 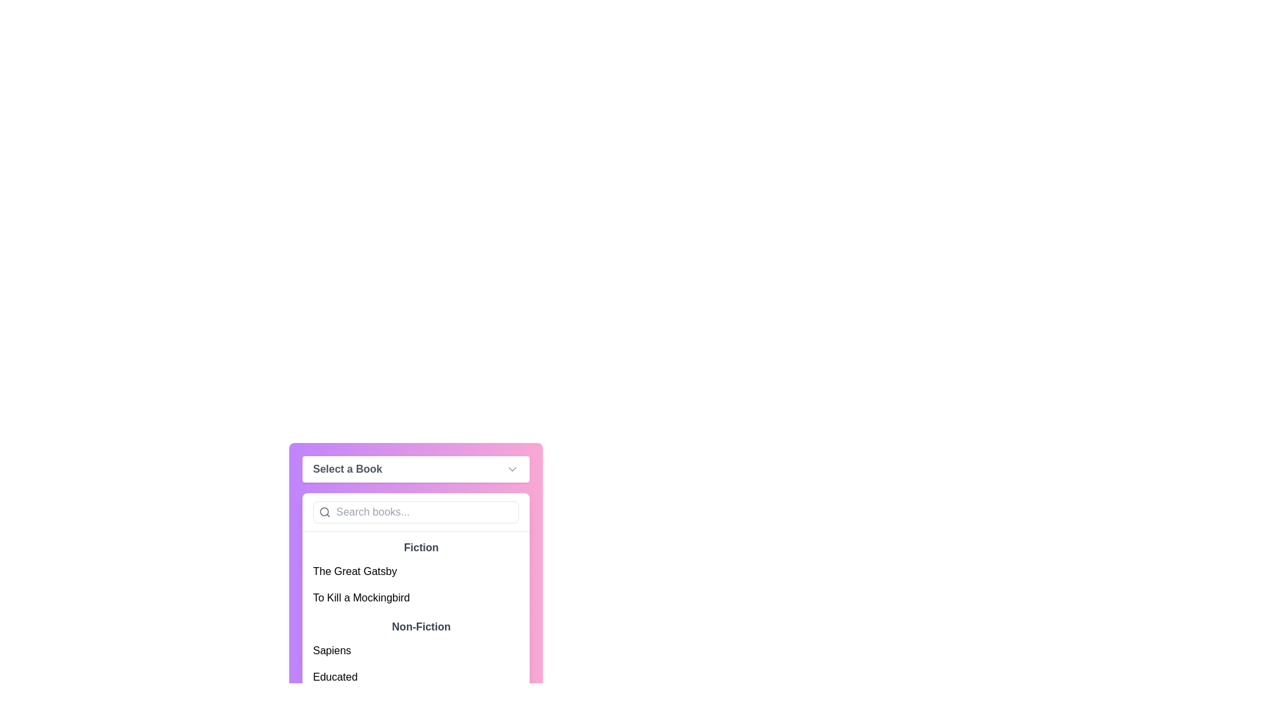 I want to click on the 'Educated' list item in the dropdown menu under the 'Non-Fiction' category to trigger a visual highlight effect, so click(x=415, y=677).